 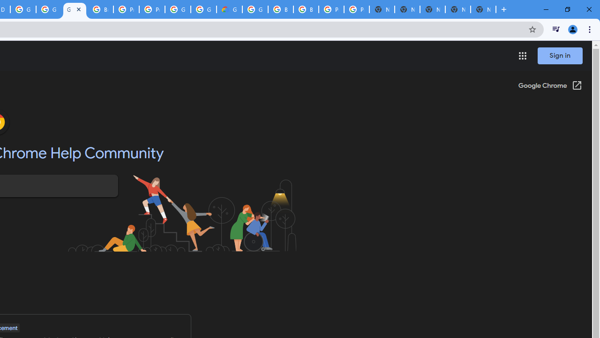 What do you see at coordinates (522, 56) in the screenshot?
I see `'Google apps'` at bounding box center [522, 56].